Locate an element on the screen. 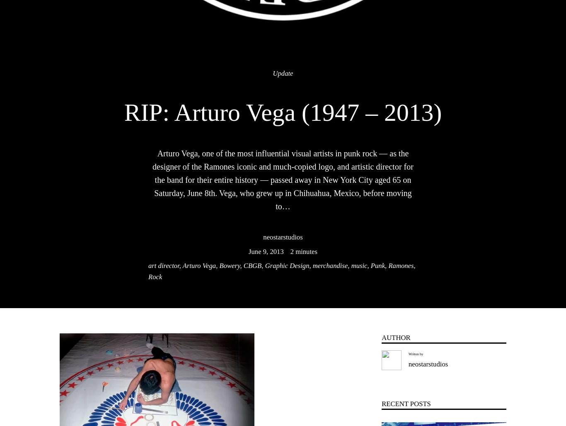 Image resolution: width=566 pixels, height=426 pixels. 'music' is located at coordinates (358, 265).